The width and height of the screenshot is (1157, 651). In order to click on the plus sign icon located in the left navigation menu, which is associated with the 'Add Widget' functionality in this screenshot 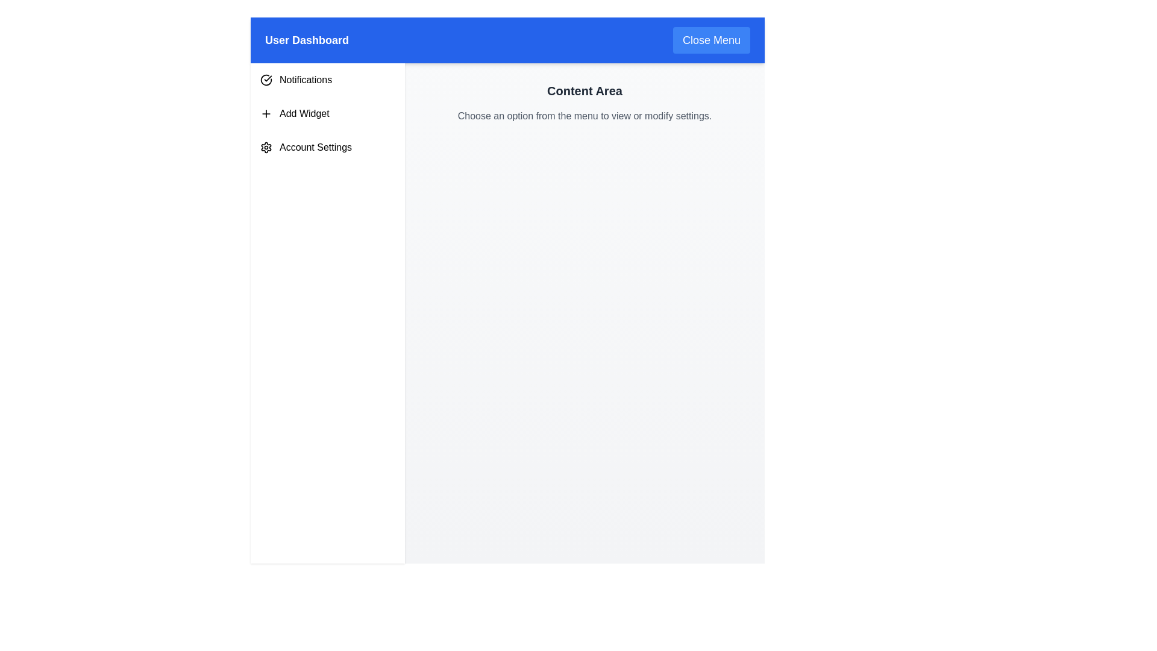, I will do `click(265, 114)`.